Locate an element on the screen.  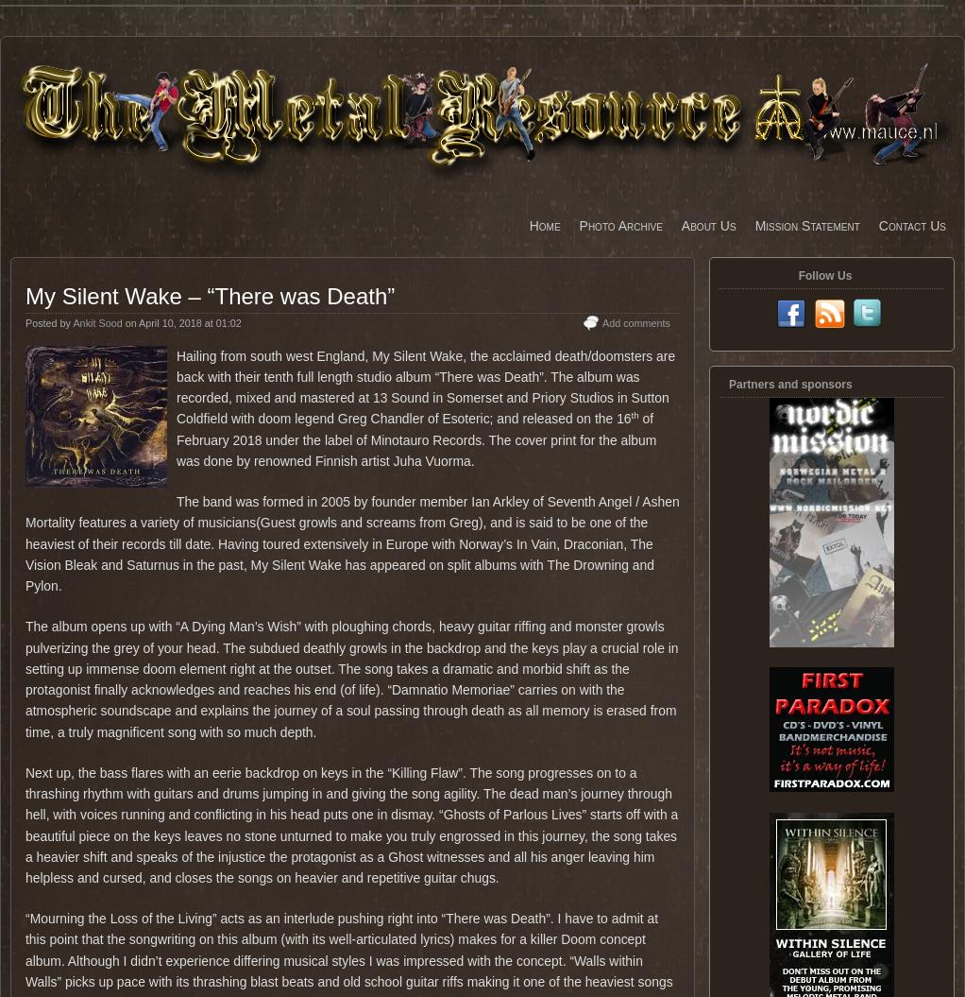
'Hailing from south west England, My Silent Wake, the acclaimed death/doomsters are back with their tenth full length studio album “There was Death”. The album was recorded, mixed and mastered at 13 Sound in Somerset and Priory Studios in Sutton Coldfield with doom legend Greg Chandler of Esoteric; and released on the 16' is located at coordinates (177, 387).